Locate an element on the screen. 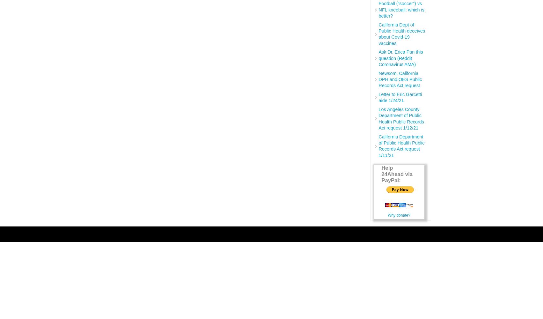 The height and width of the screenshot is (319, 543). 'Football ("soccer") vs NFL kneeball: which is better?' is located at coordinates (401, 10).